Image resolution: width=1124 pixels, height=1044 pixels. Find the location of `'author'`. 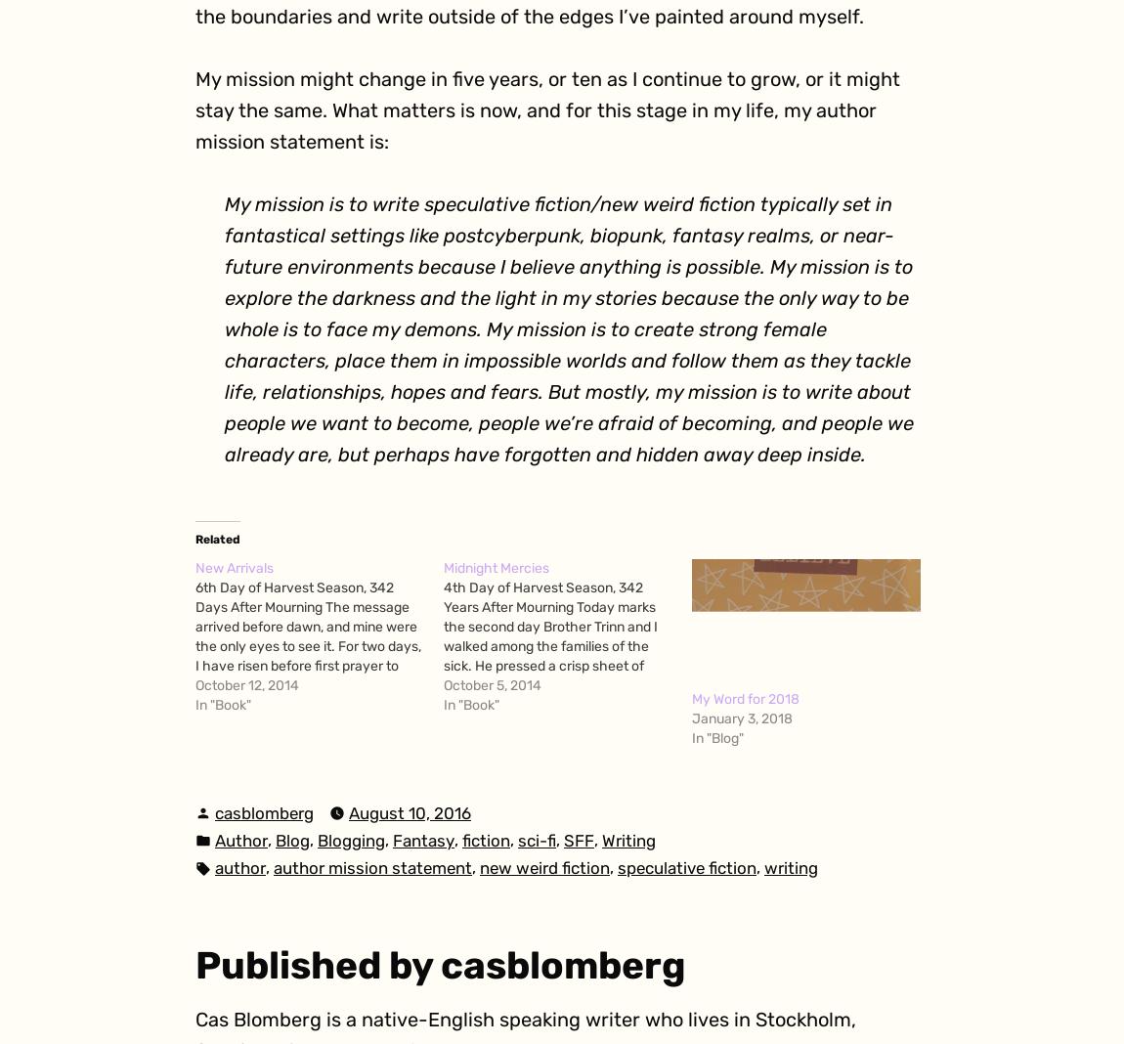

'author' is located at coordinates (238, 867).